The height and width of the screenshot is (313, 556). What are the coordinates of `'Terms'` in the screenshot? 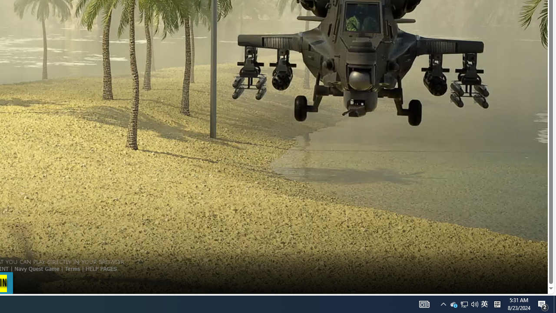 It's located at (73, 268).